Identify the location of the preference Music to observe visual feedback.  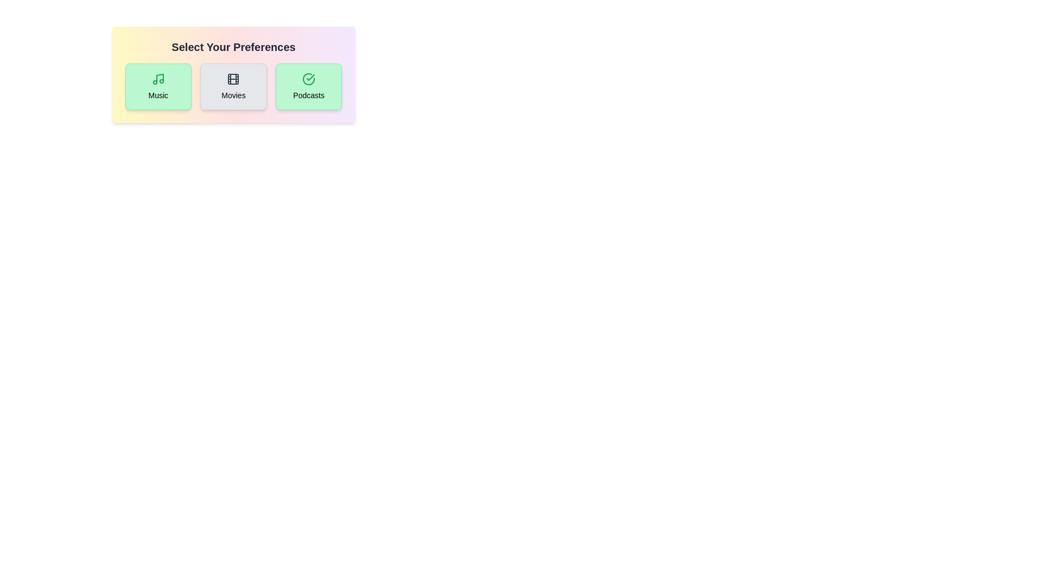
(157, 86).